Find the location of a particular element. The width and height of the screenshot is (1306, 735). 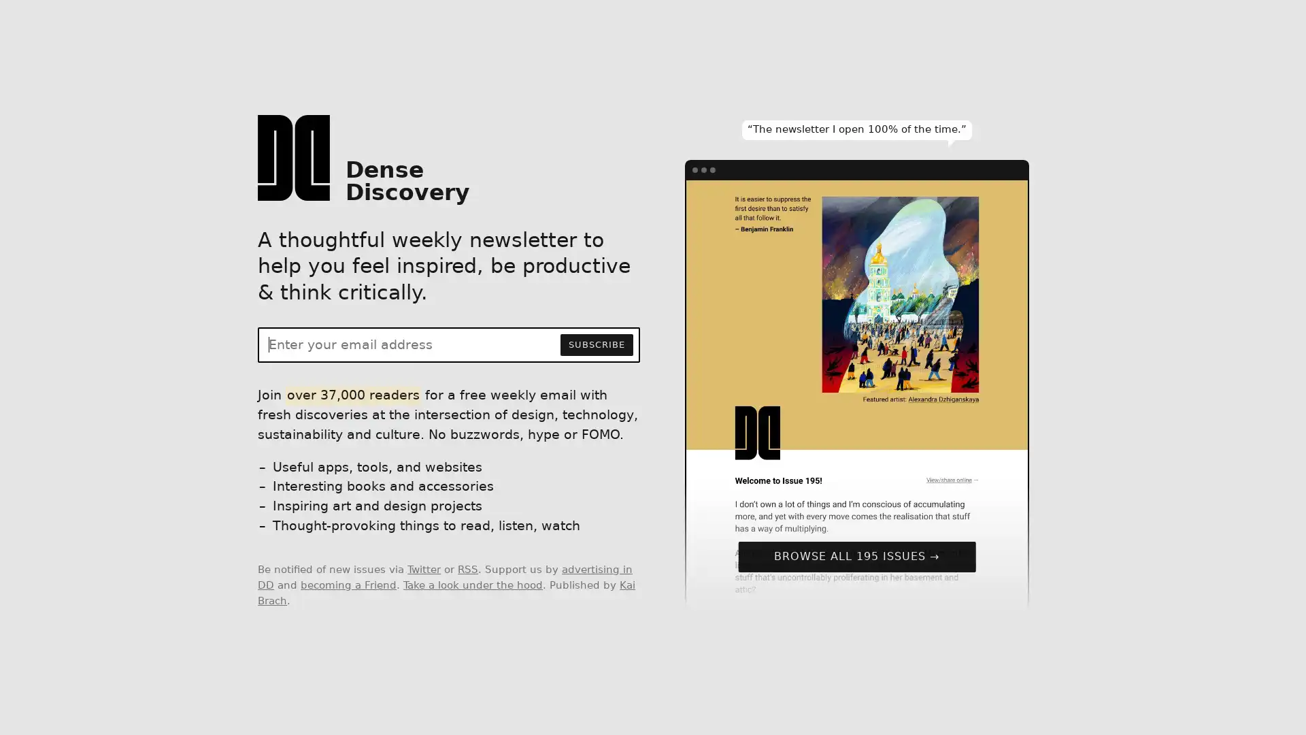

SUBSCRIBE is located at coordinates (597, 343).